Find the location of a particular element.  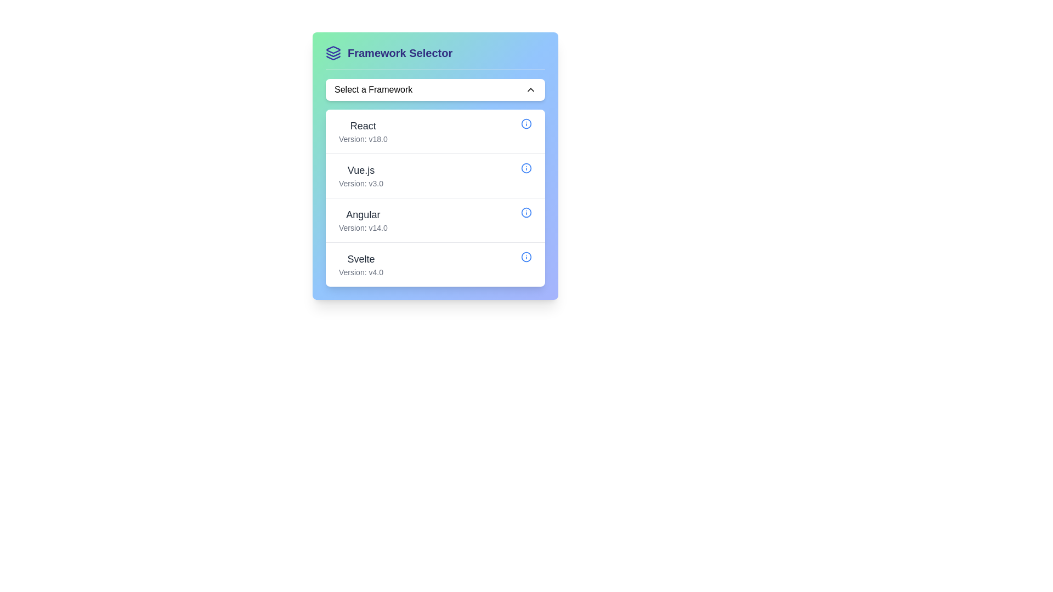

displayed text of the Text Display element that shows the name and version of the React framework, located below the 'Select a Framework' dropdown in the first row of the list is located at coordinates (363, 130).